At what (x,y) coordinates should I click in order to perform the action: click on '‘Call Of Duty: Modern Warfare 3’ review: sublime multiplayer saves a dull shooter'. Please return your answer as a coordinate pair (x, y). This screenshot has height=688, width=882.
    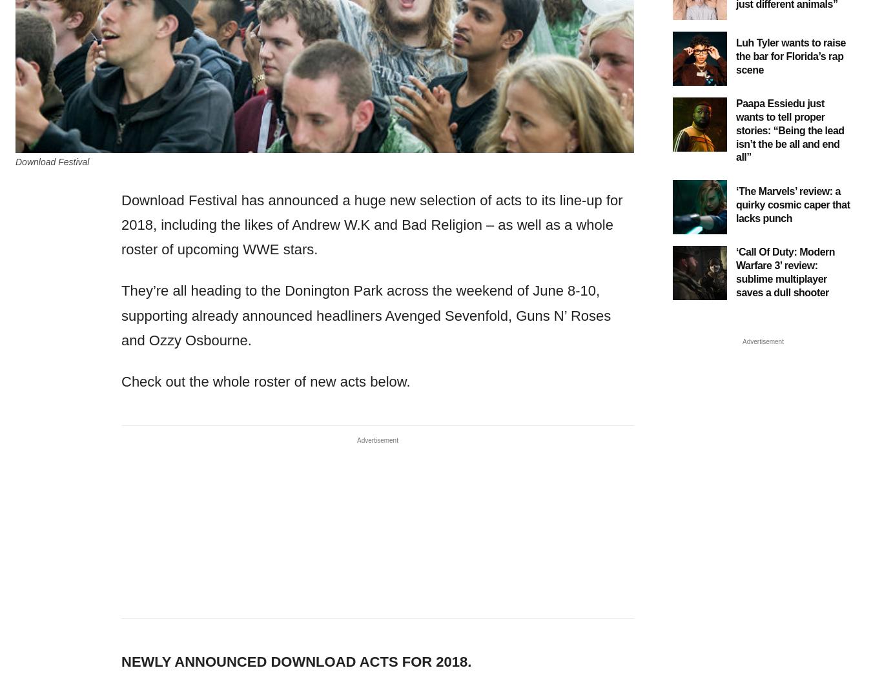
    Looking at the image, I should click on (785, 272).